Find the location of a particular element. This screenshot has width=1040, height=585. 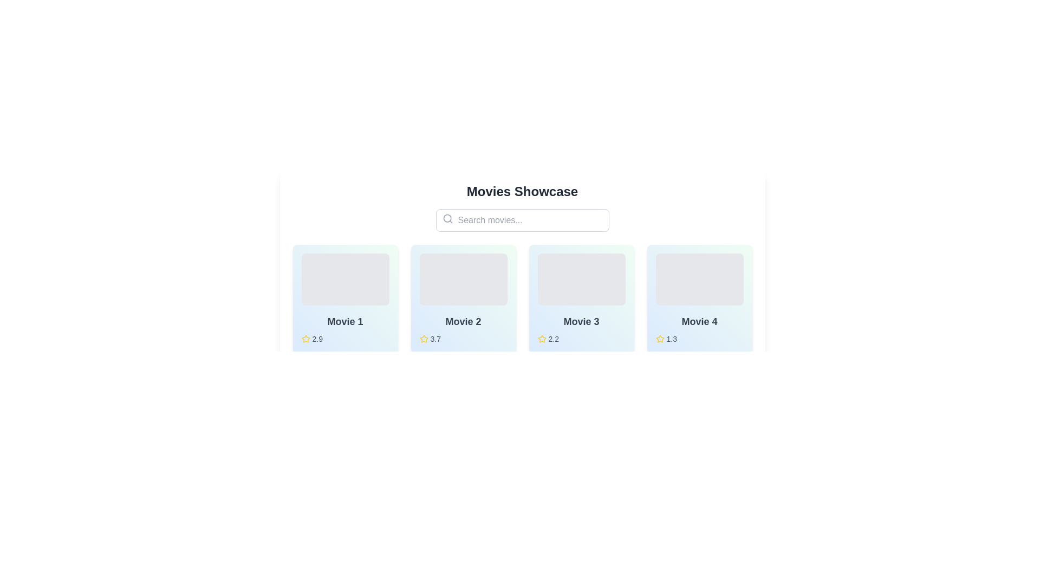

the text label styled as a header with the content 'Movie 1', which is bold and gray, located at the lower section of a light-themed card is located at coordinates (344, 321).